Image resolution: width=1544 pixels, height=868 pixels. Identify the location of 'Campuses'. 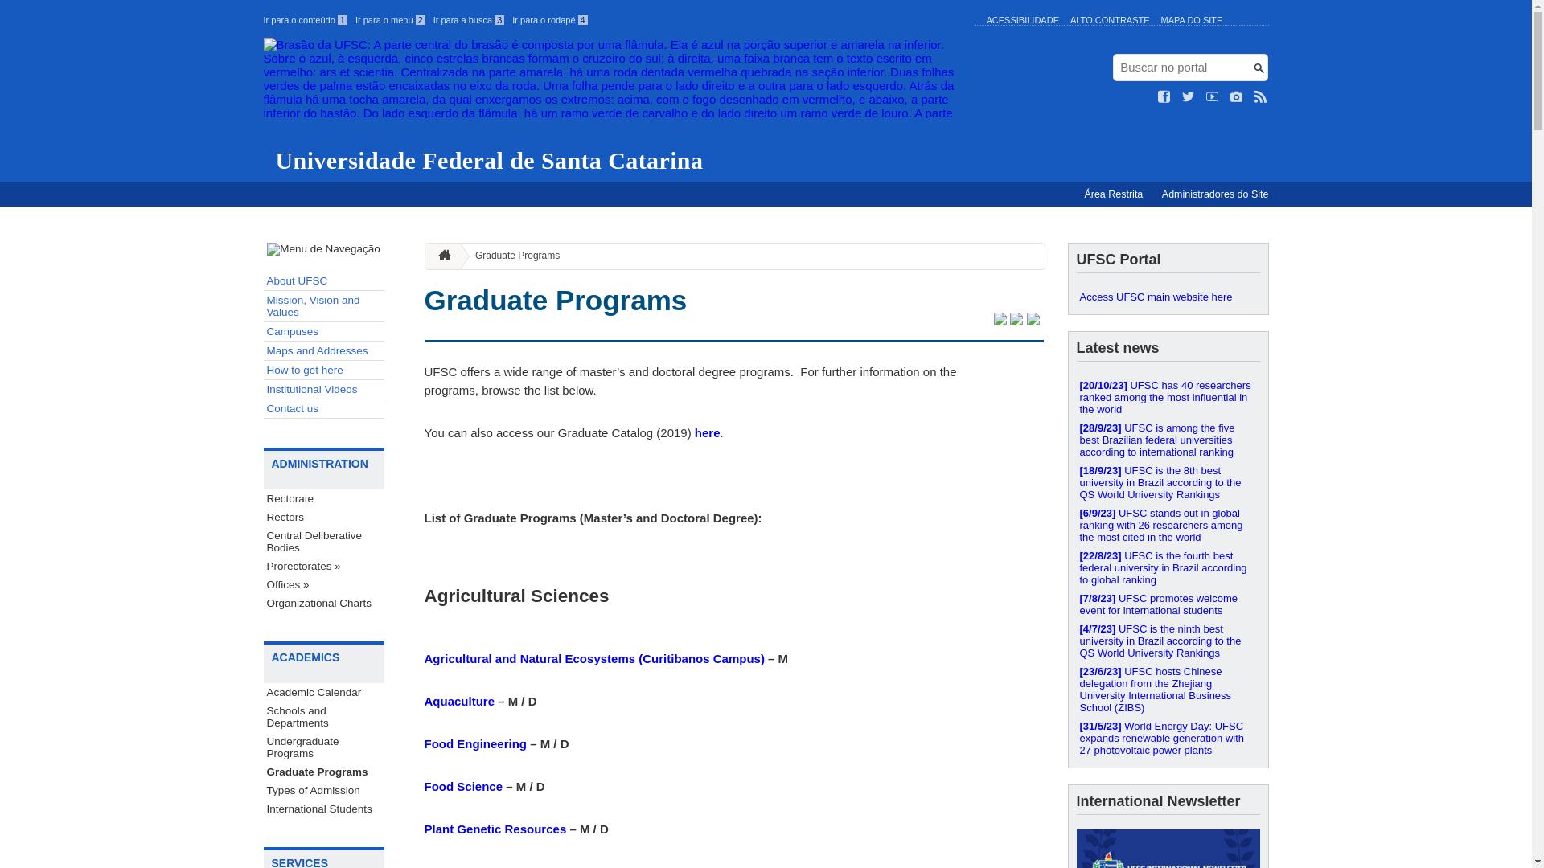
(323, 330).